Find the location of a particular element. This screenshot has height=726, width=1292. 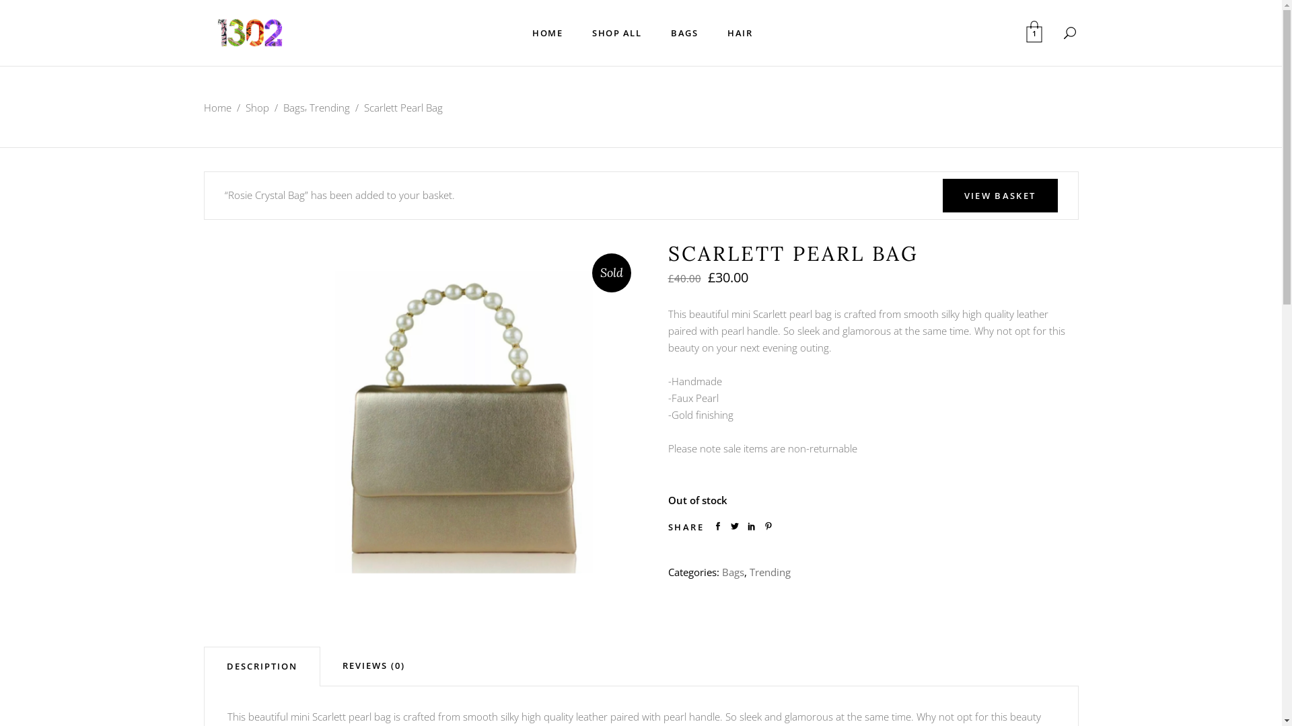

'VIEW BASKET' is located at coordinates (1000, 195).